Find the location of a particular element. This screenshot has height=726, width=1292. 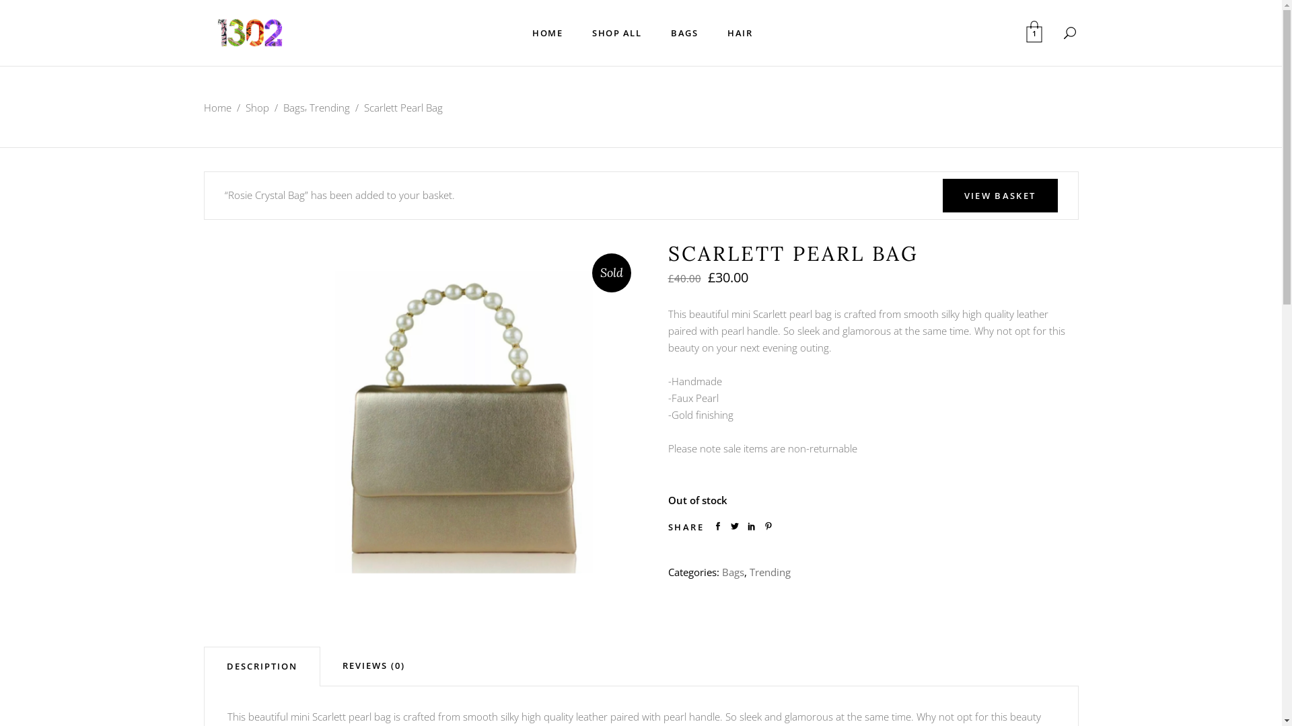

'VIEW BASKET' is located at coordinates (1000, 195).